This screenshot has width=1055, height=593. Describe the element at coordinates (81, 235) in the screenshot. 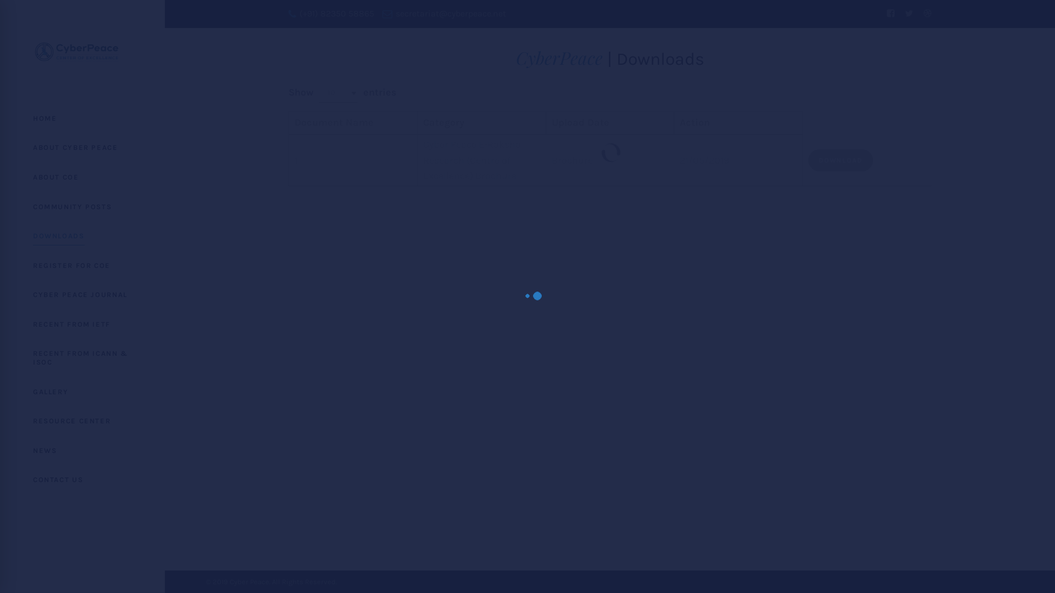

I see `'DOWNLOADS'` at that location.